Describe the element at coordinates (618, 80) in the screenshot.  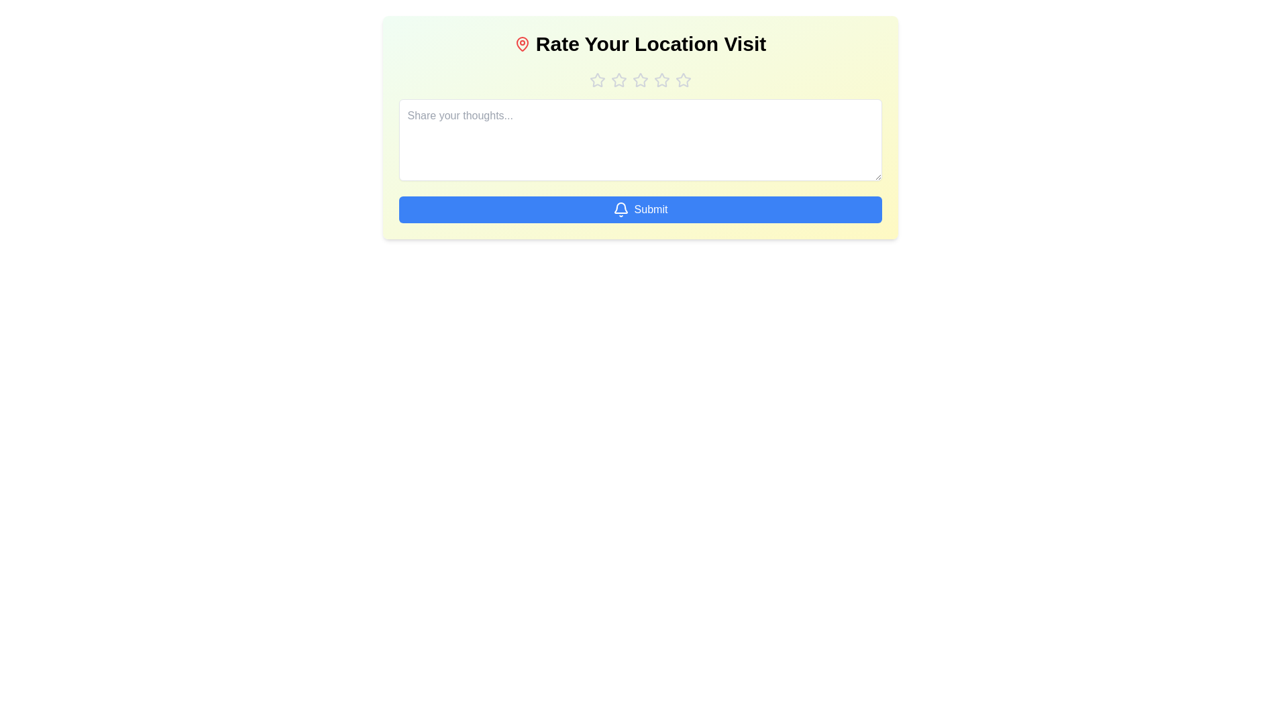
I see `the star corresponding to 2 to preview the rating effect` at that location.